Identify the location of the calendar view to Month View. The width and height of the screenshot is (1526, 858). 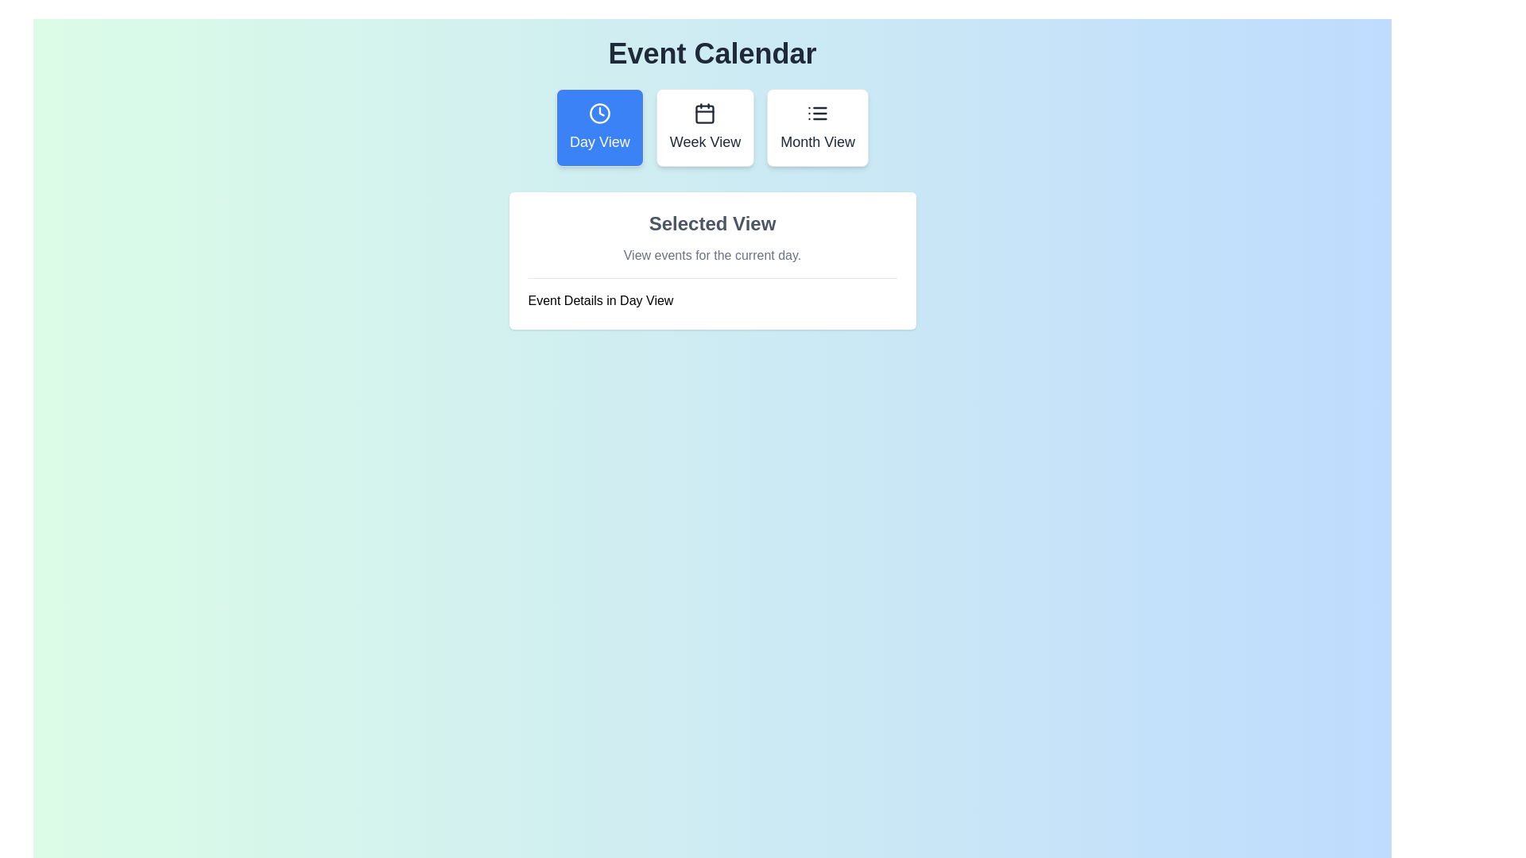
(818, 127).